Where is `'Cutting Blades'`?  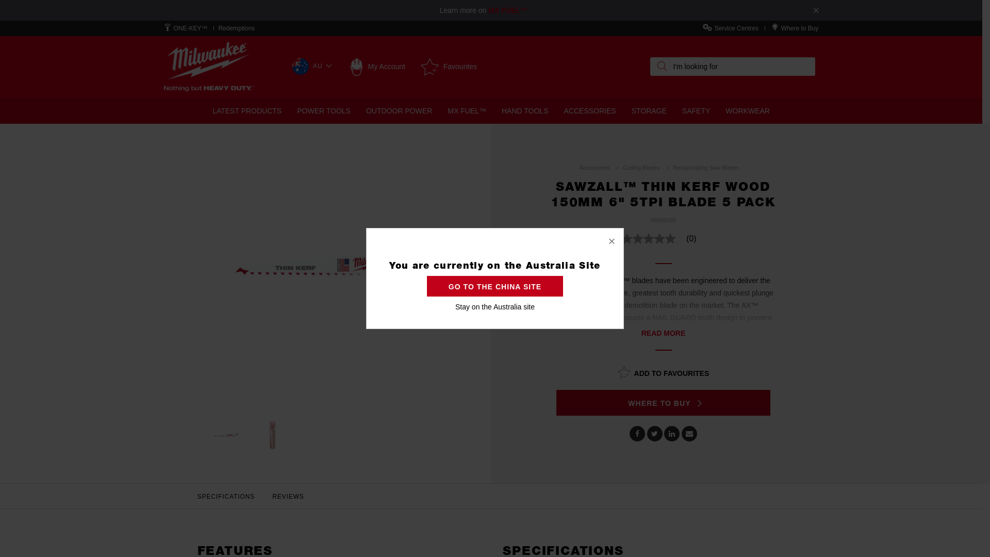
'Cutting Blades' is located at coordinates (640, 167).